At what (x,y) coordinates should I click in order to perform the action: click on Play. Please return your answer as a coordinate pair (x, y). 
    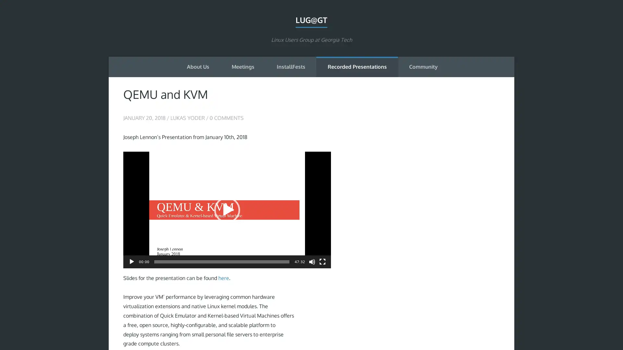
    Looking at the image, I should click on (227, 210).